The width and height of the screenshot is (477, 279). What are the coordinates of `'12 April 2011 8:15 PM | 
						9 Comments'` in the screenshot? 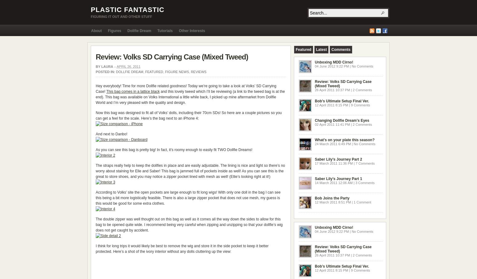 It's located at (342, 270).